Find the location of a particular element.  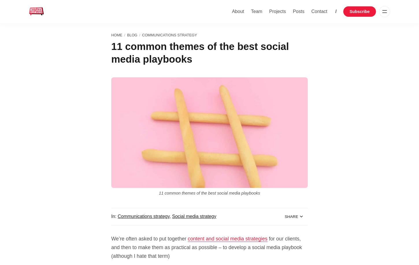

'Team' is located at coordinates (256, 11).